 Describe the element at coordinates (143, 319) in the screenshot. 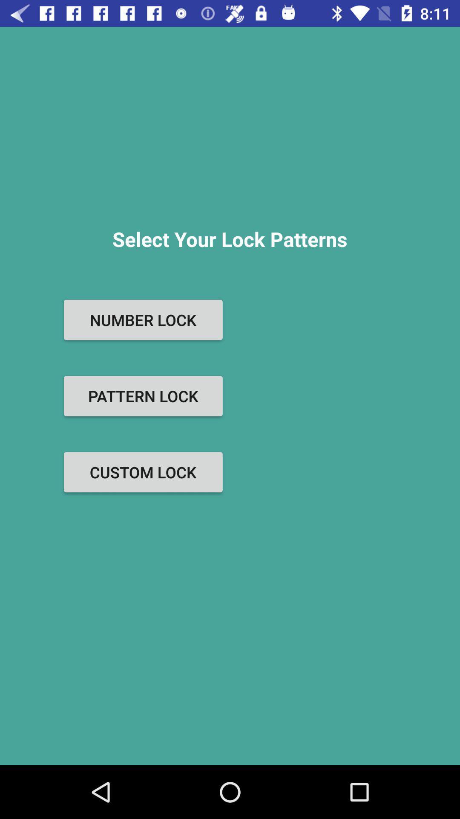

I see `item below select your lock` at that location.